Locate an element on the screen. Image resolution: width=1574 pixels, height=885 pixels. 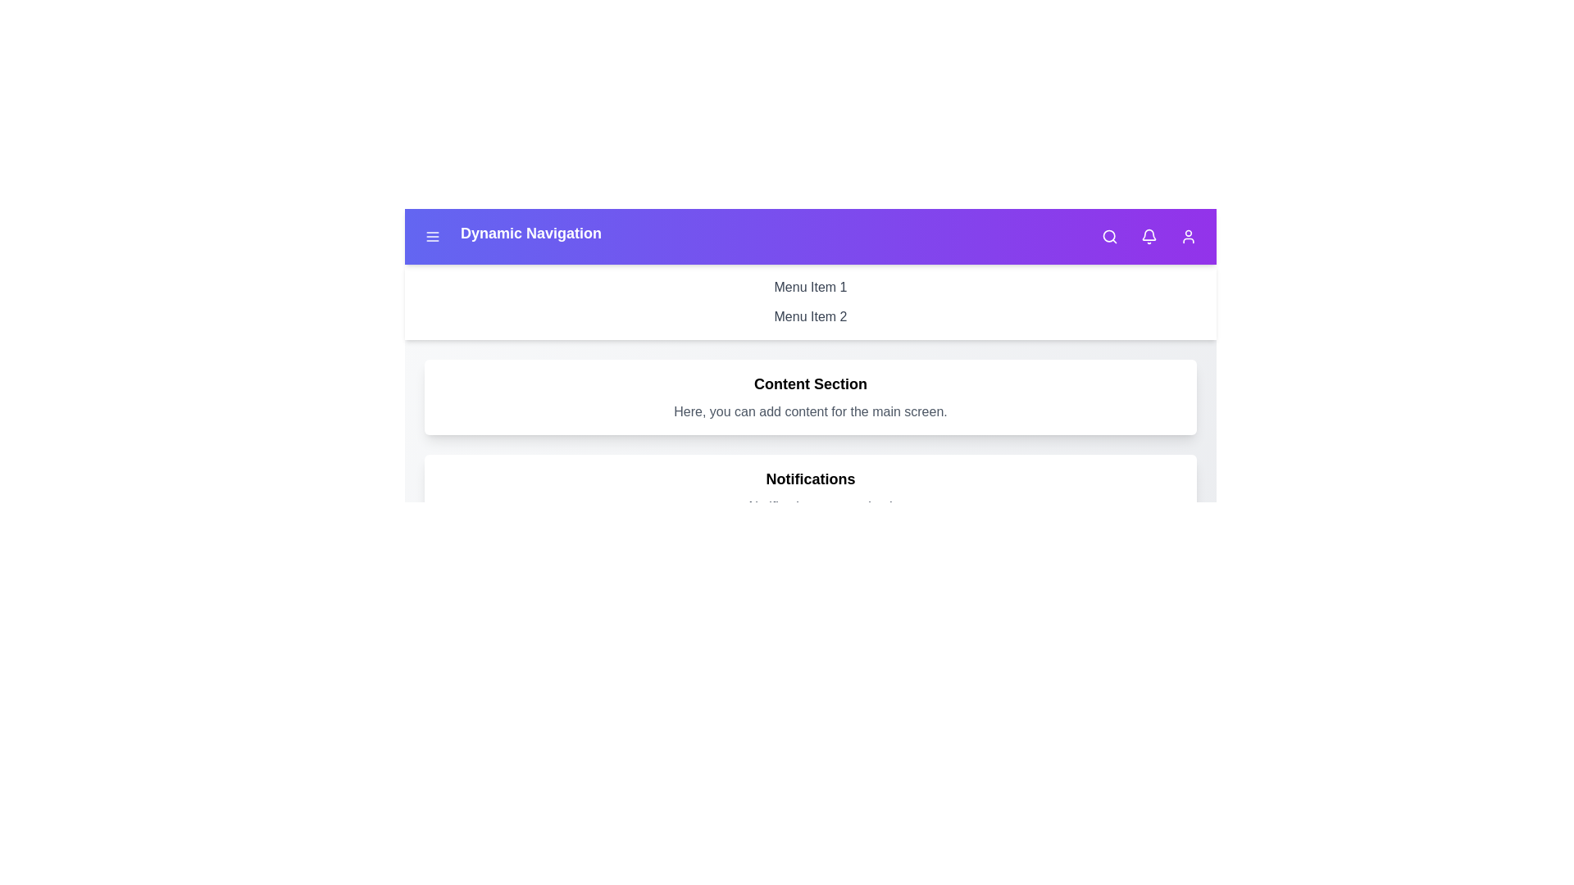
the user icon to access the user profile is located at coordinates (1188, 237).